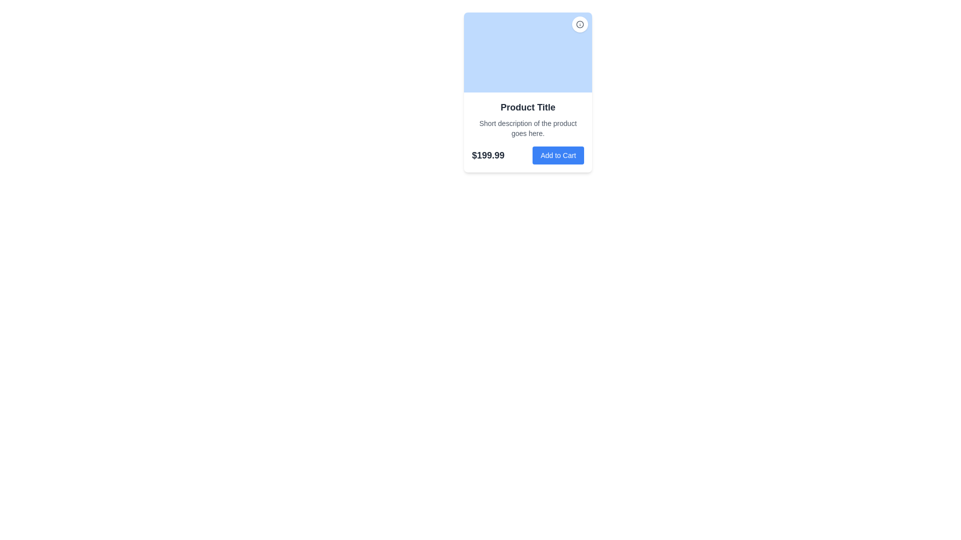 The image size is (961, 540). What do you see at coordinates (528, 155) in the screenshot?
I see `the 'Add to Cart' button located at the bottom of the product card layout` at bounding box center [528, 155].